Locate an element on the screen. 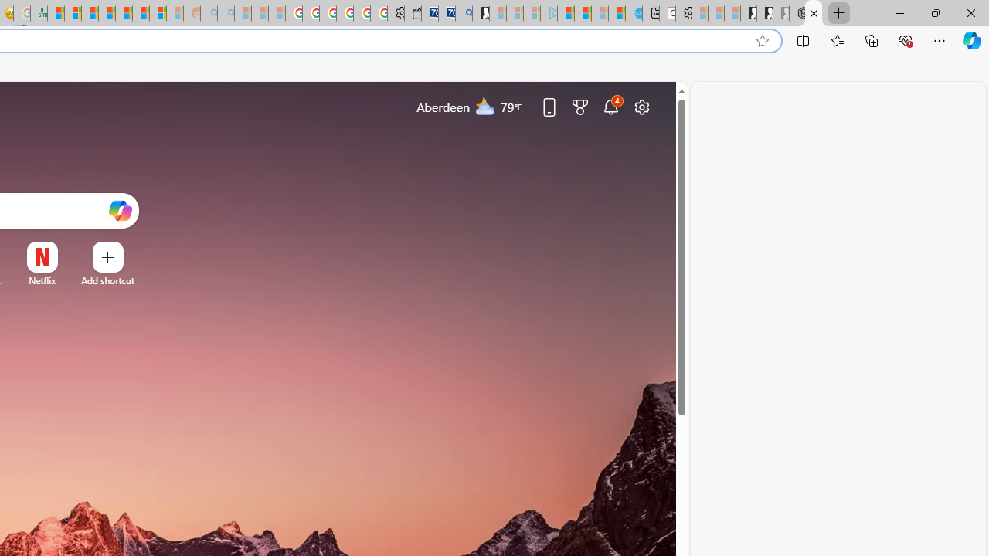  'Add a site' is located at coordinates (107, 280).